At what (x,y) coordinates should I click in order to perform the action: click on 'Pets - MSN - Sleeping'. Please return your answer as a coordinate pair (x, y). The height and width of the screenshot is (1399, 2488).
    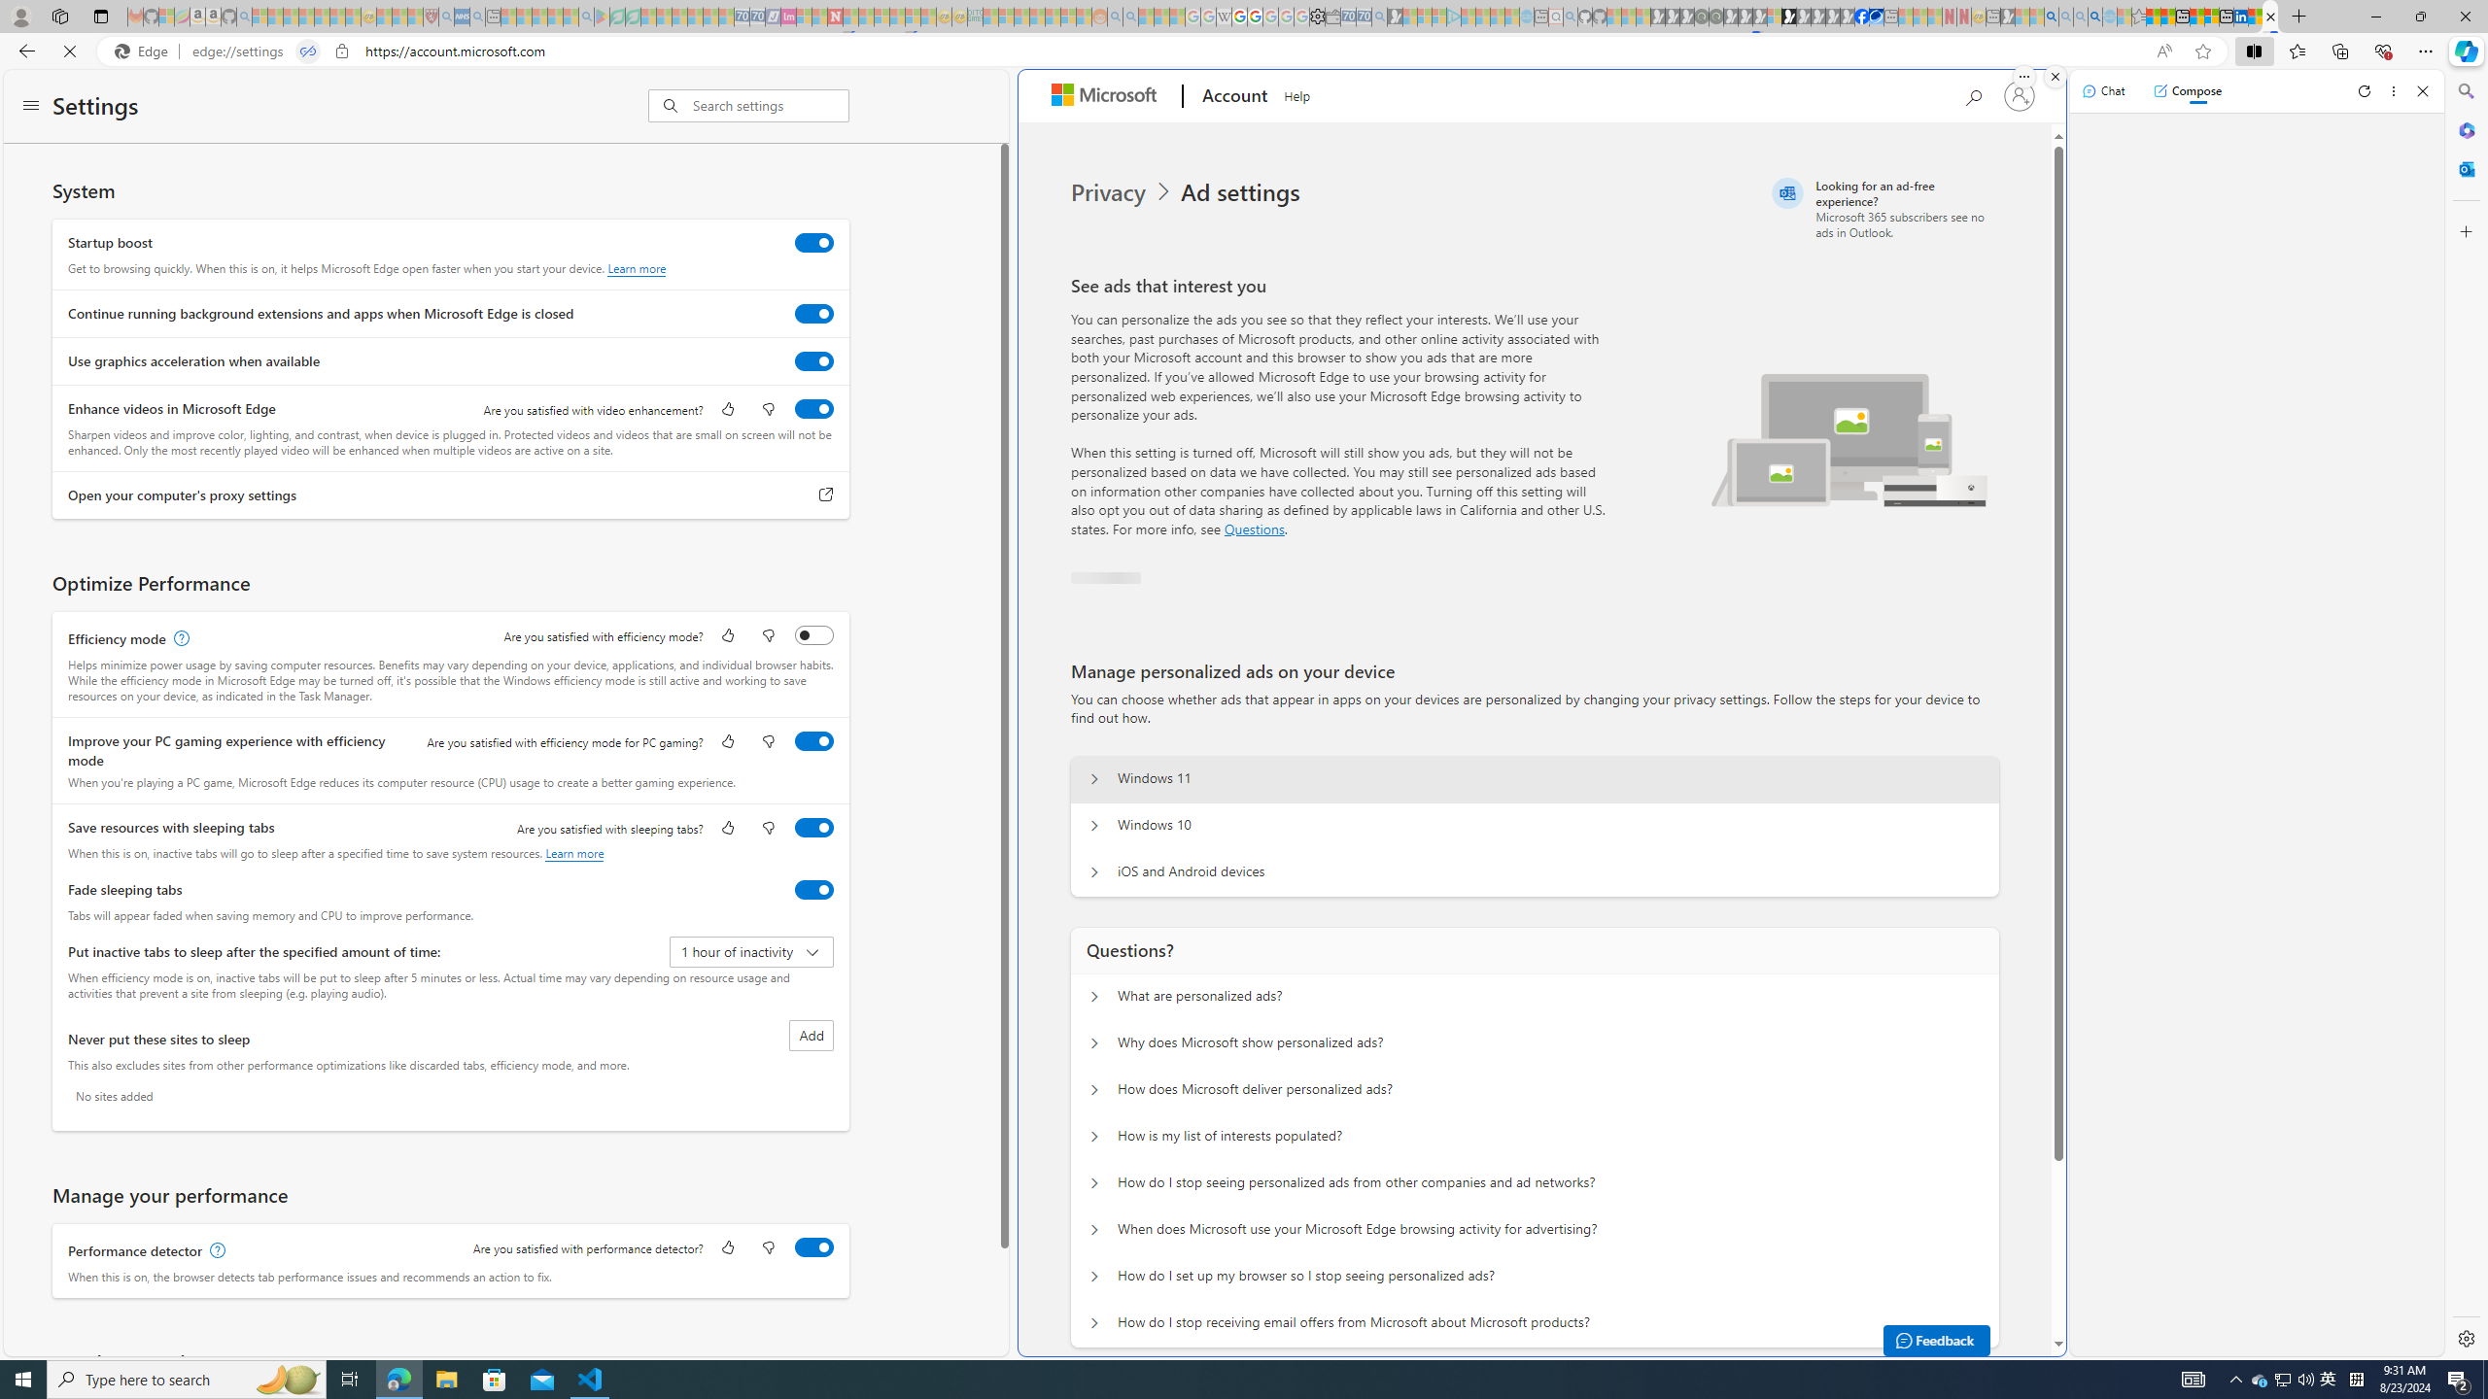
    Looking at the image, I should click on (555, 16).